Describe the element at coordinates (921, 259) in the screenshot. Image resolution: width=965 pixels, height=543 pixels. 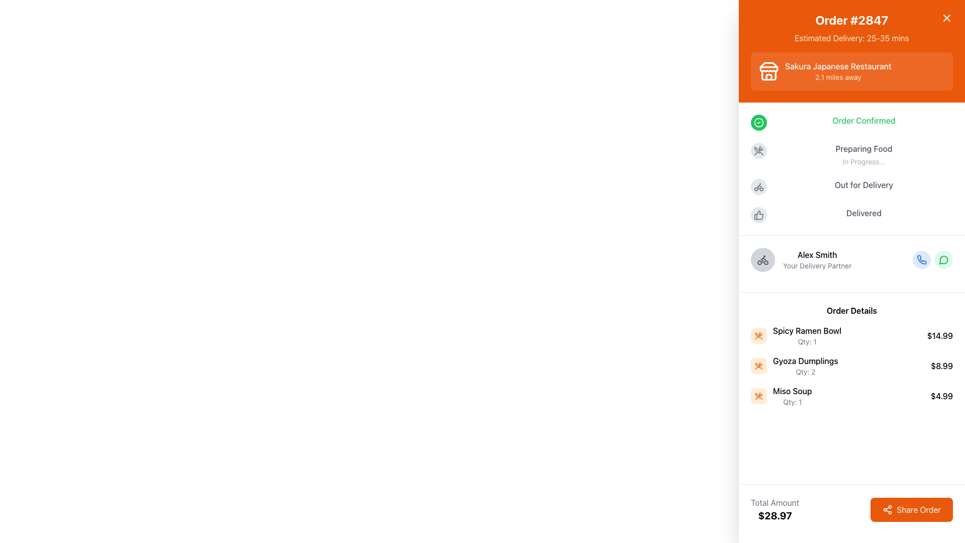
I see `the phone icon button, which is styled in a minimalistic and modern design with a blue outline, to initiate a call` at that location.